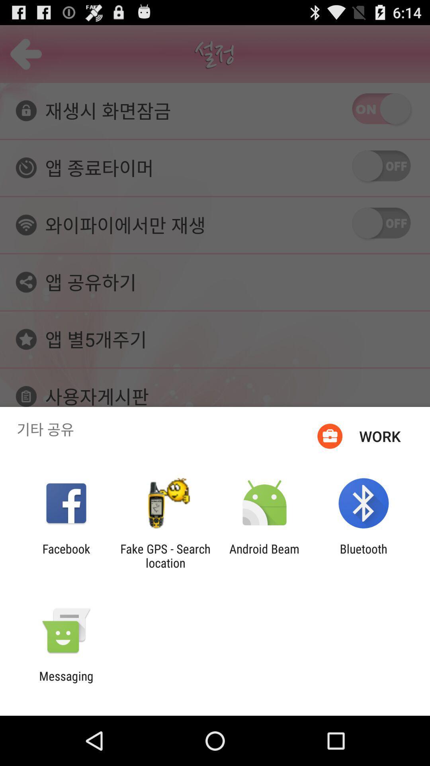  I want to click on the icon next to android beam icon, so click(165, 555).